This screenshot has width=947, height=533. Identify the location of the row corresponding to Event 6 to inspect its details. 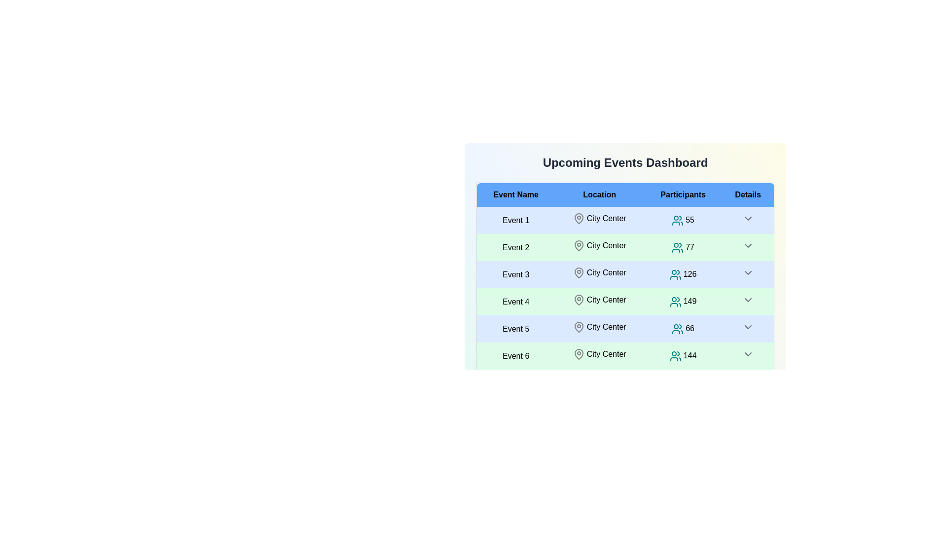
(515, 356).